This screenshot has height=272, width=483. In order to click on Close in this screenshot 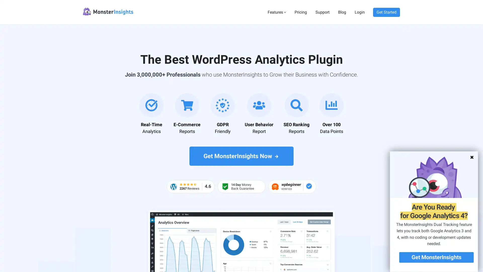, I will do `click(471, 157)`.